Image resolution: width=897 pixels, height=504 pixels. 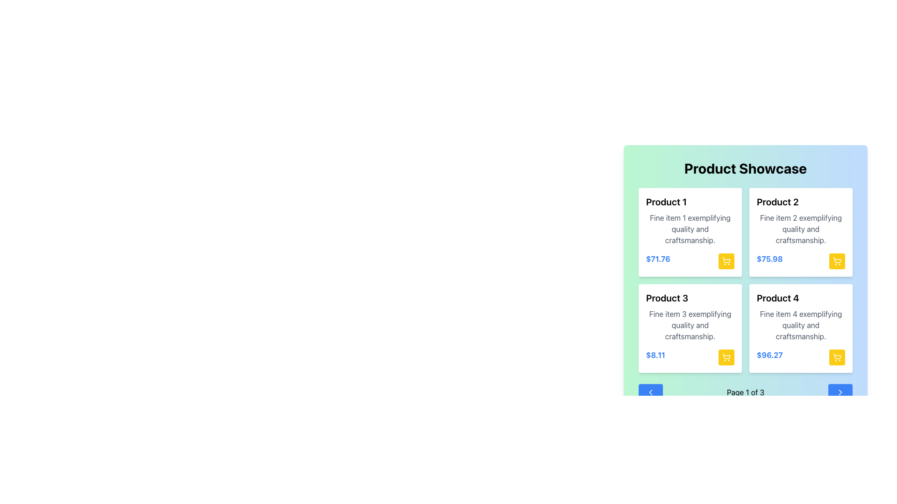 I want to click on the yellow rounded rectangle button with a shopping cart icon located in the second column of the top row in the grid layout, next to the price label '$71.76' and under 'Product 1', so click(x=726, y=261).